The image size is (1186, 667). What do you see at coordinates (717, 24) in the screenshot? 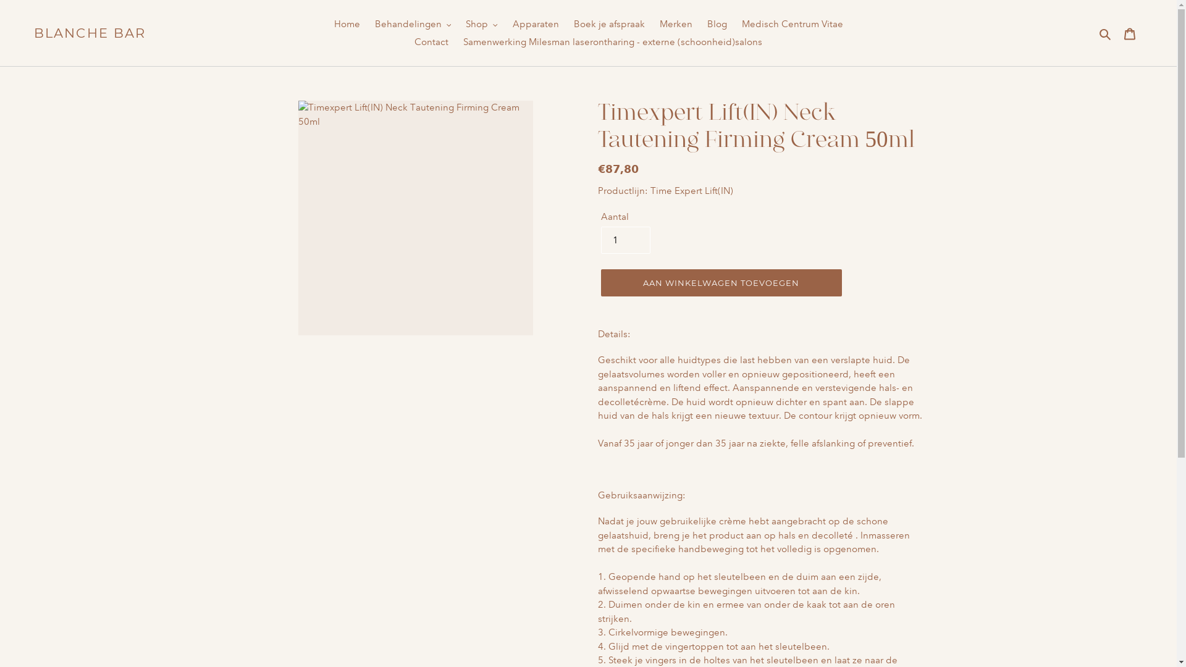
I see `'Blog'` at bounding box center [717, 24].